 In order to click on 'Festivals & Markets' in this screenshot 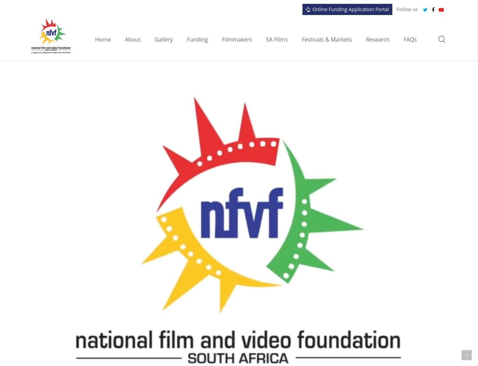, I will do `click(301, 39)`.